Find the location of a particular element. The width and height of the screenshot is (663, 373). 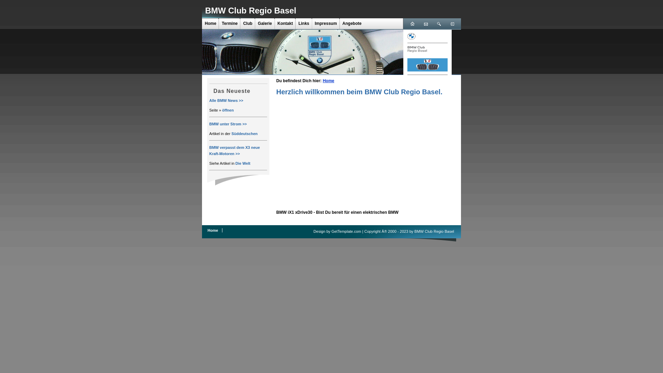

'not found: kopf-.jpg' is located at coordinates (302, 51).